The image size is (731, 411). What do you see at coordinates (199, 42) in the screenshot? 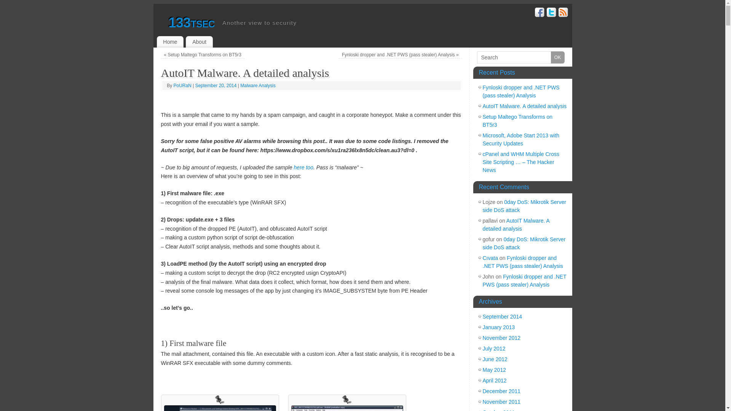
I see `'About'` at bounding box center [199, 42].